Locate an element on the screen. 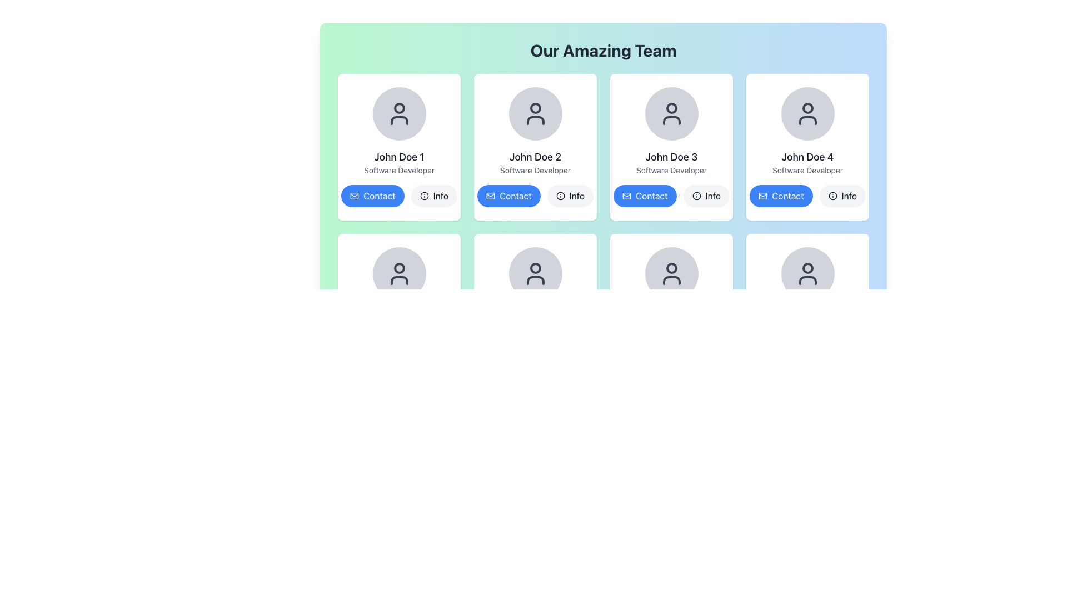 This screenshot has height=600, width=1067. the text label or button that provides information about 'John Doe 2' is located at coordinates (576, 196).